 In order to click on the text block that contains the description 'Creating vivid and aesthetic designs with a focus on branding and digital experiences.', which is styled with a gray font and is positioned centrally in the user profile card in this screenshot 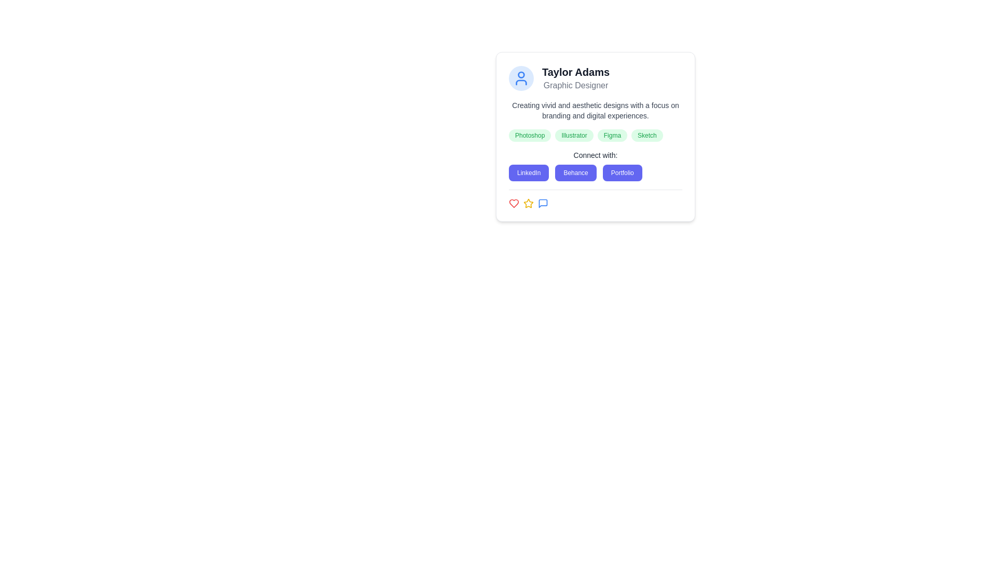, I will do `click(596, 110)`.